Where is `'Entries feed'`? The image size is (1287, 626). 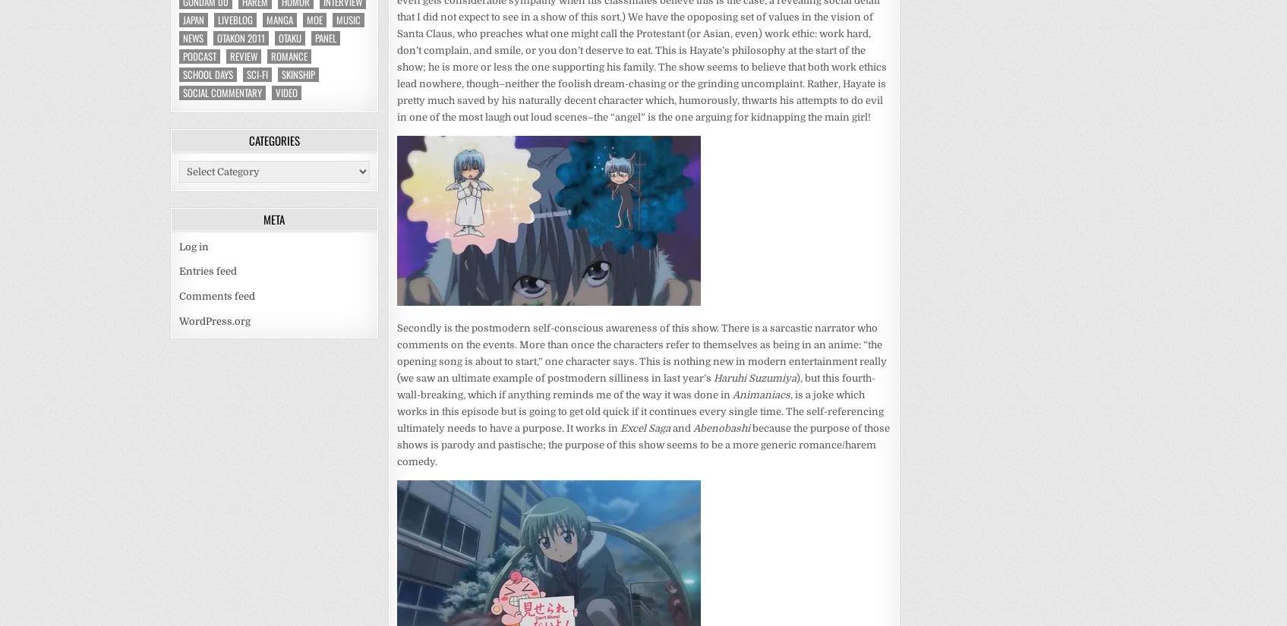
'Entries feed' is located at coordinates (207, 271).